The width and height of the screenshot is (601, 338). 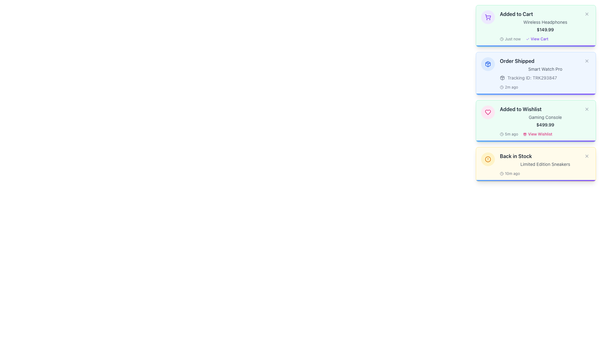 I want to click on the 'Back in Stock' notification with a yellow background and rounded corners for further actions, so click(x=536, y=164).